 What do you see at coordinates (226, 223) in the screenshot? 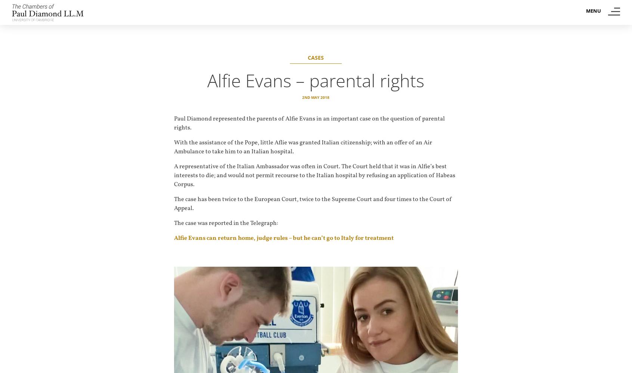
I see `'The case was reported in the Telegraph:'` at bounding box center [226, 223].